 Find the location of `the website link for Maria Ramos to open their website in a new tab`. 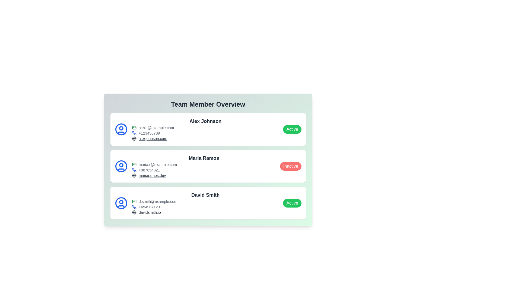

the website link for Maria Ramos to open their website in a new tab is located at coordinates (152, 176).